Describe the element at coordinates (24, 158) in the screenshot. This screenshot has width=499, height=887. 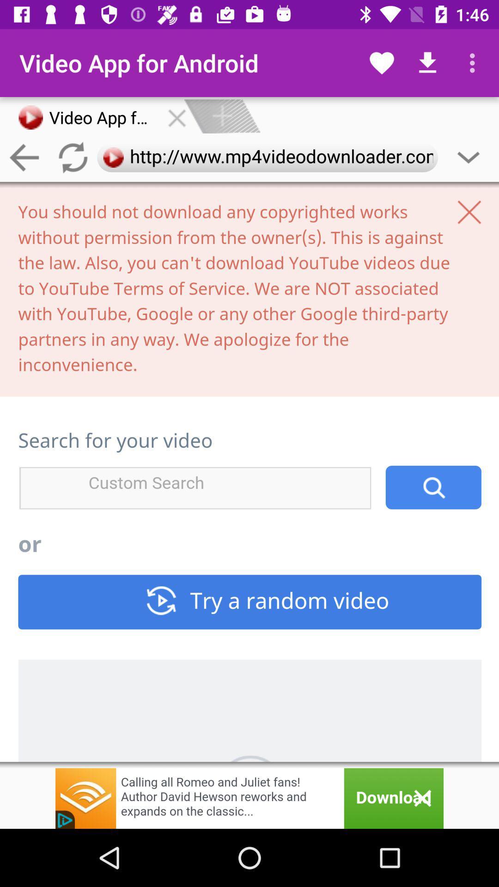
I see `the arrow_backward icon` at that location.